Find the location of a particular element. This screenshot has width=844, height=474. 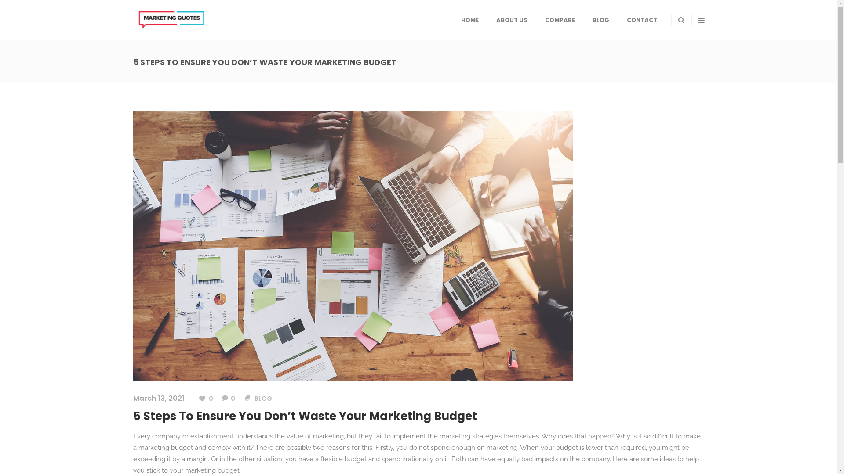

'HOME' is located at coordinates (469, 20).